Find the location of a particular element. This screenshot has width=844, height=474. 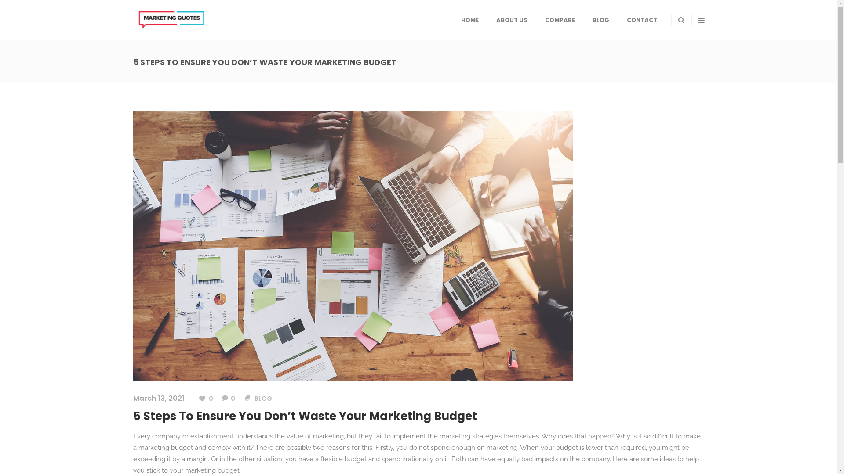

'HOME' is located at coordinates (469, 20).